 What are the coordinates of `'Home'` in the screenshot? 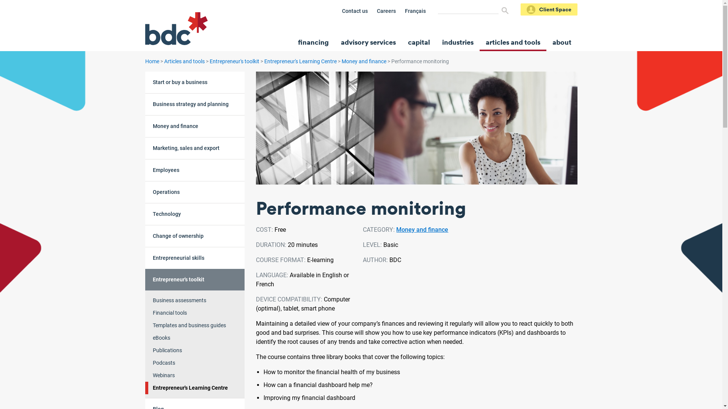 It's located at (145, 61).